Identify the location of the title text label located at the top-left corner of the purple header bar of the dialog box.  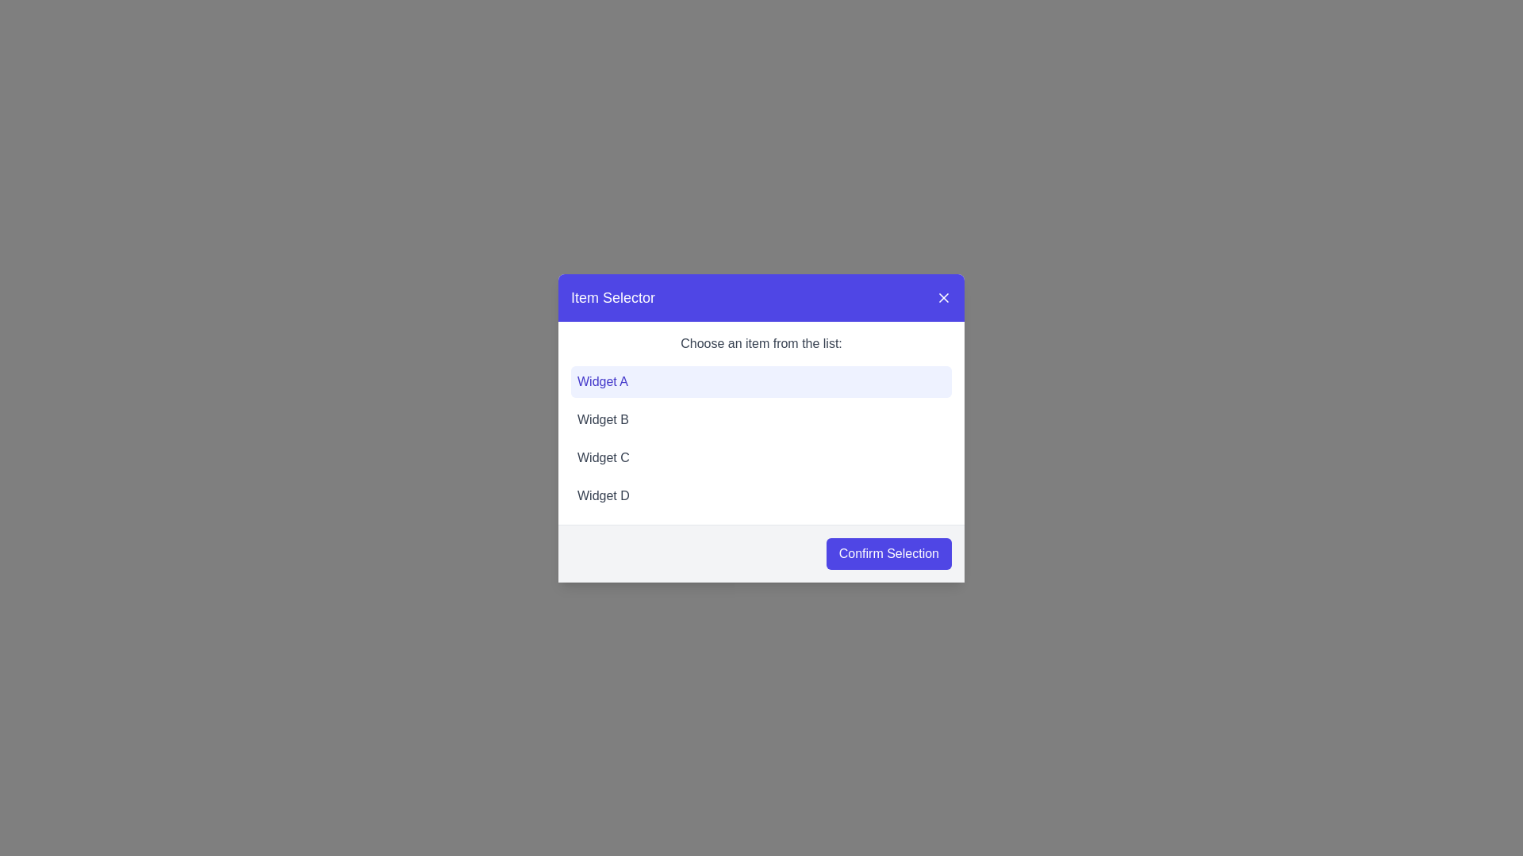
(612, 297).